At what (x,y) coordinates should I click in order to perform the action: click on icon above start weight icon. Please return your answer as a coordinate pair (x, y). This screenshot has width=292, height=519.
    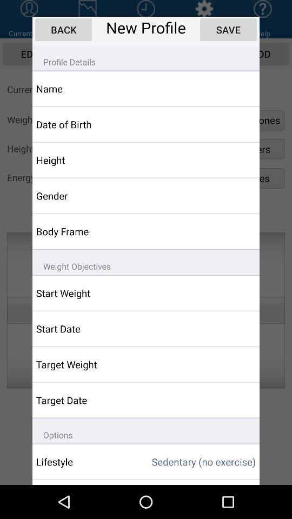
    Looking at the image, I should click on (146, 262).